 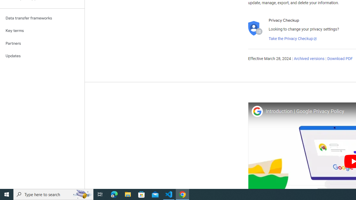 What do you see at coordinates (257, 111) in the screenshot?
I see `'Photo image of Google'` at bounding box center [257, 111].